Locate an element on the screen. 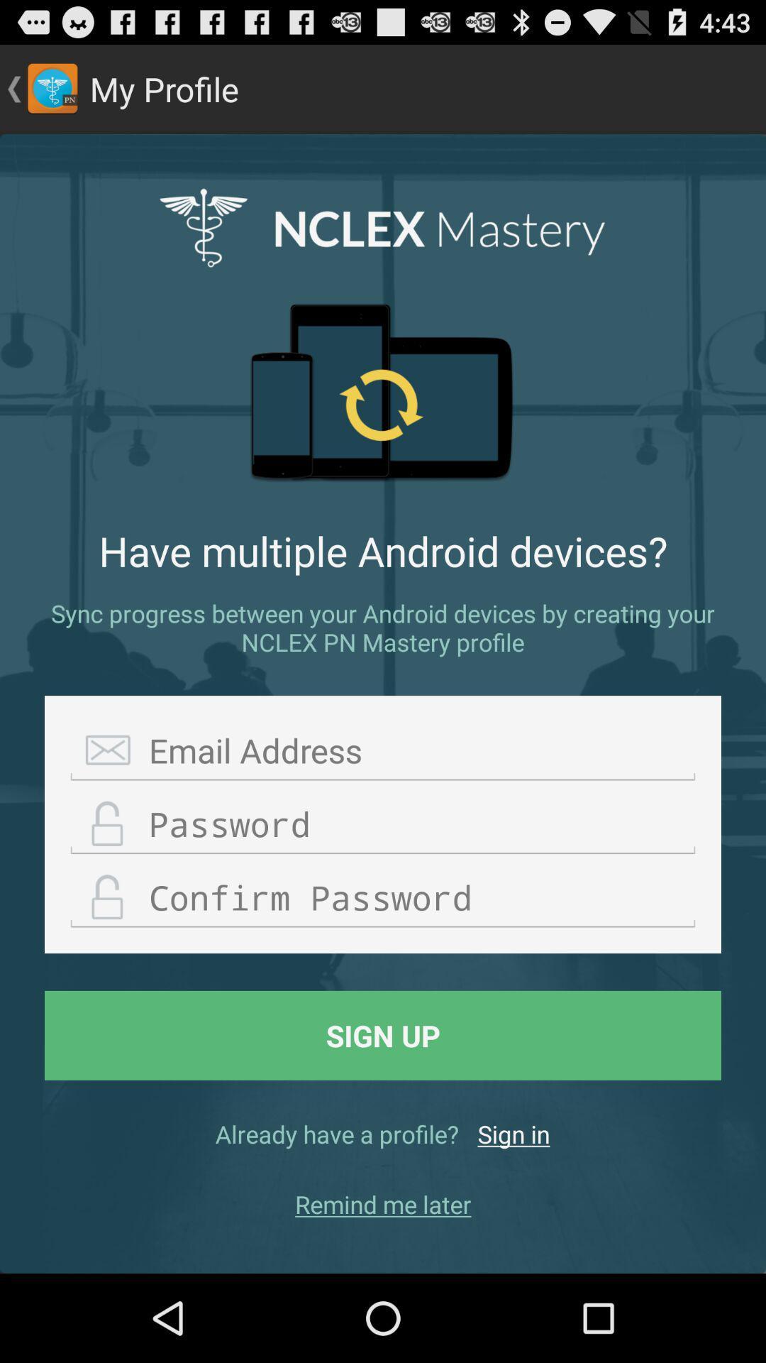  the item below sync progress between icon is located at coordinates (383, 750).